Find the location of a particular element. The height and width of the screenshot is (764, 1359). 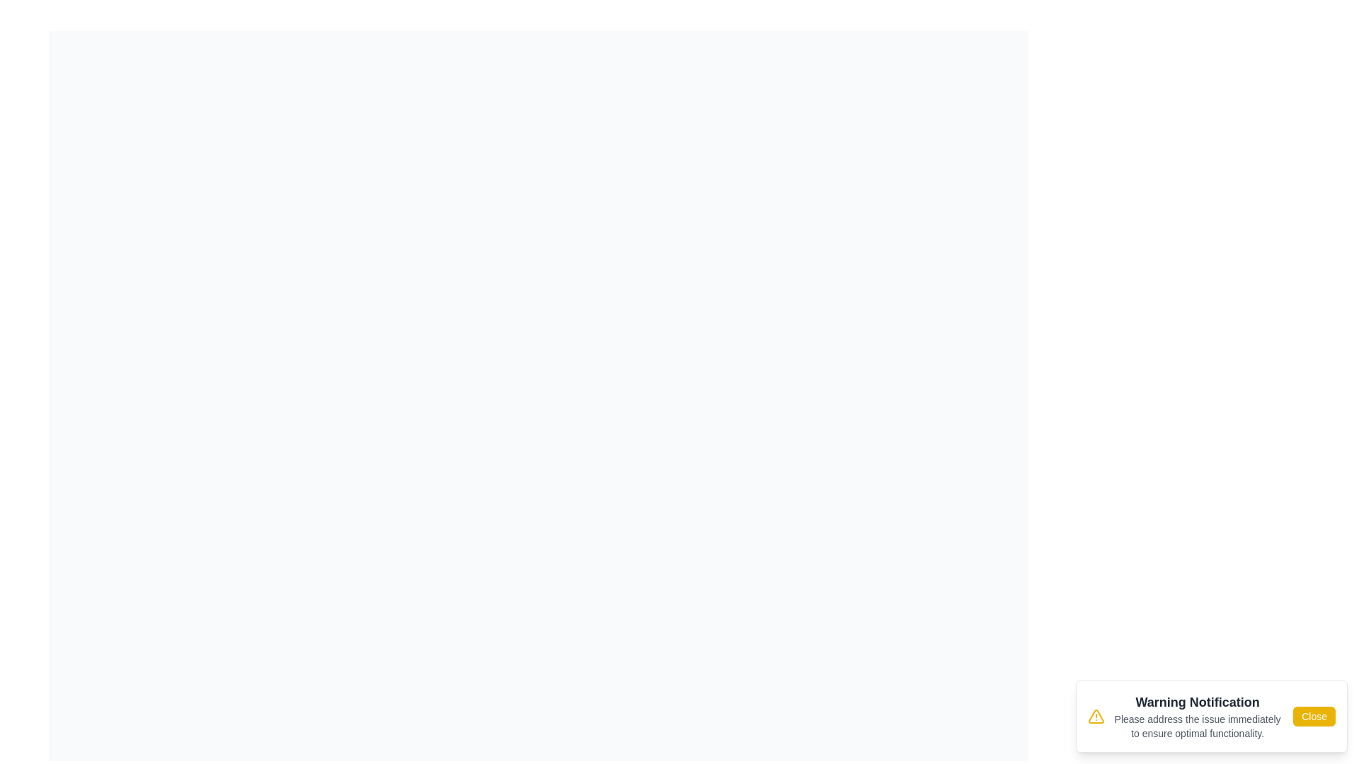

the warning icon to inspect it is located at coordinates (1096, 717).